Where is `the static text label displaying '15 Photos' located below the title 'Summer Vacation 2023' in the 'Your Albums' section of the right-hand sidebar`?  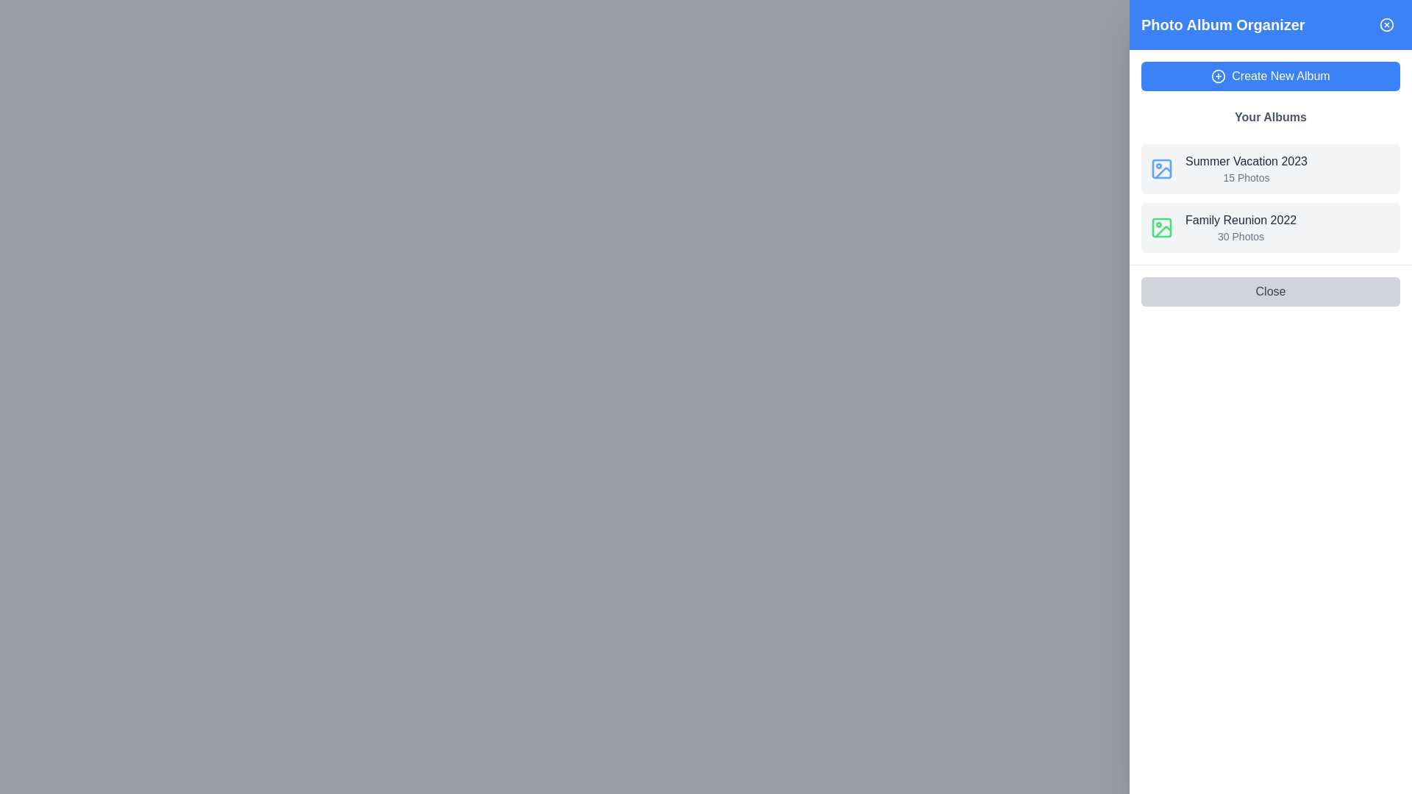 the static text label displaying '15 Photos' located below the title 'Summer Vacation 2023' in the 'Your Albums' section of the right-hand sidebar is located at coordinates (1245, 177).